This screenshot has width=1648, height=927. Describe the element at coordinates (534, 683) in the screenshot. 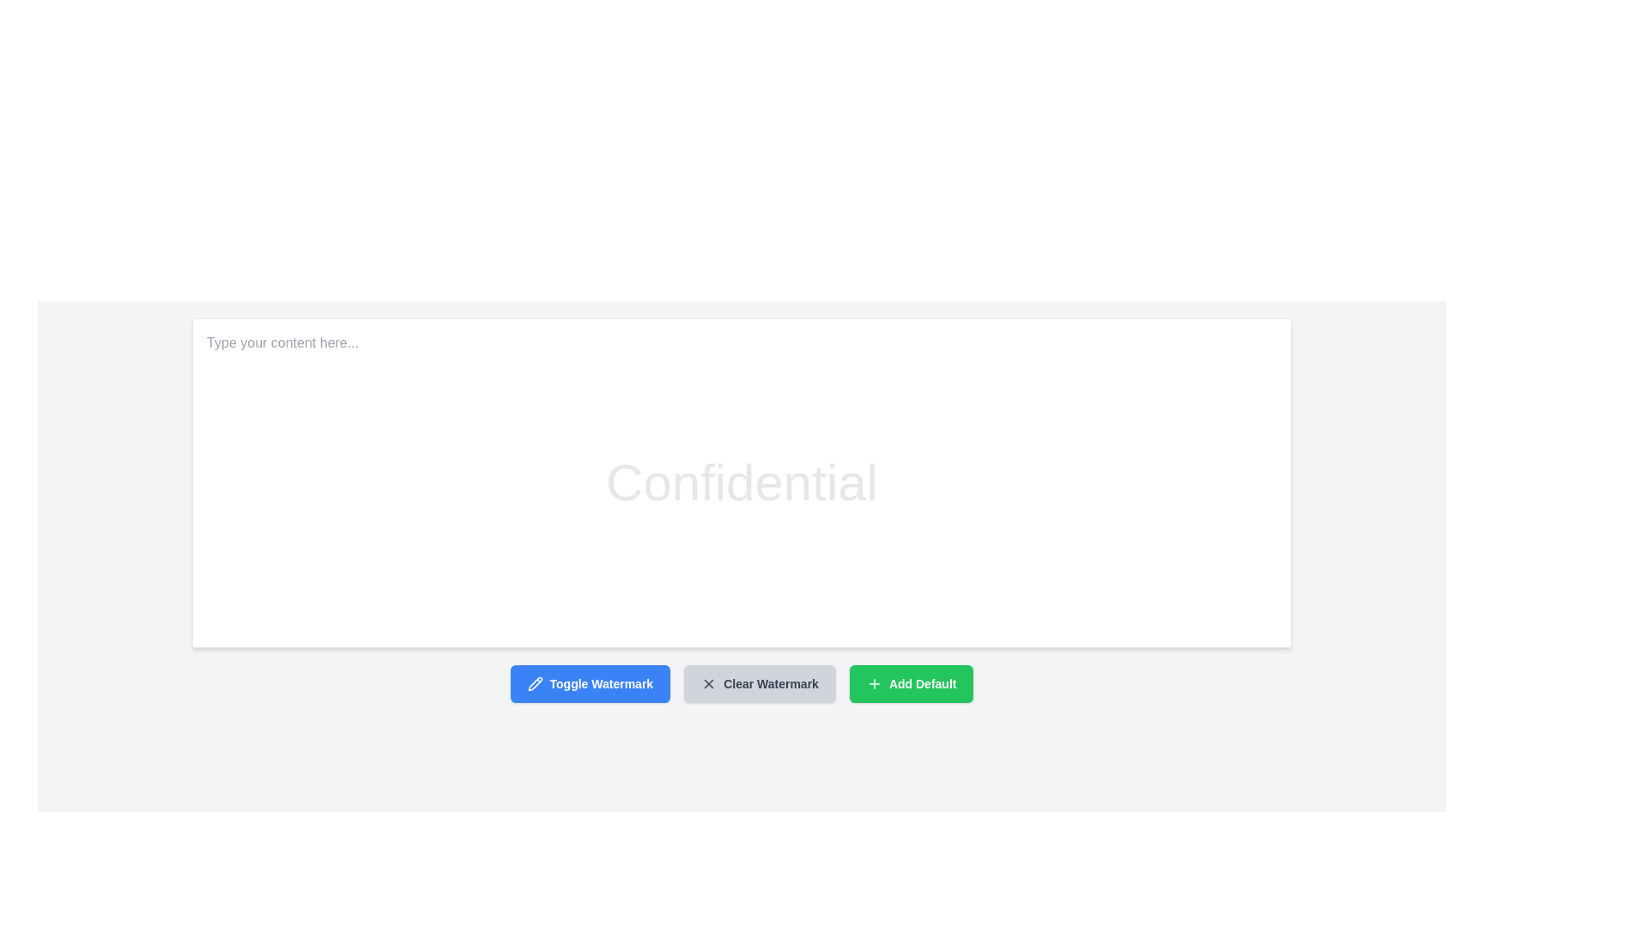

I see `the editing tool icon located in the lower section of the display, to the left of the other buttons` at that location.